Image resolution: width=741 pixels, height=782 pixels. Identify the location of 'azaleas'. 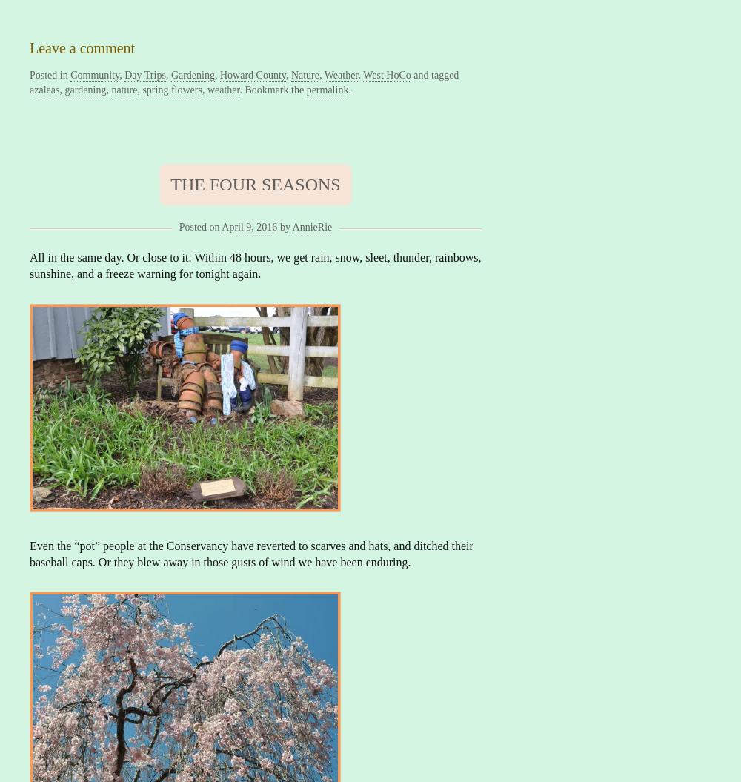
(44, 89).